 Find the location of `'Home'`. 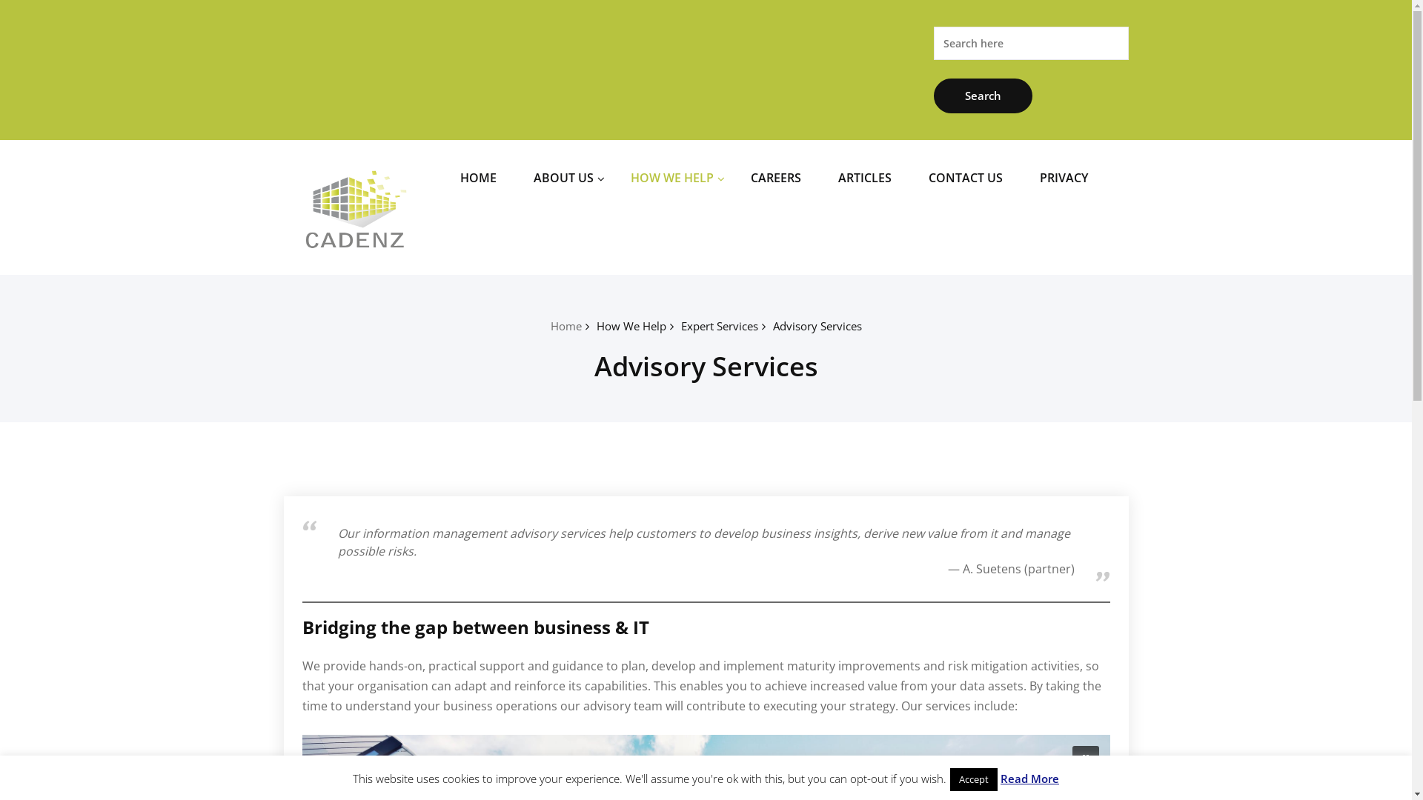

'Home' is located at coordinates (565, 324).